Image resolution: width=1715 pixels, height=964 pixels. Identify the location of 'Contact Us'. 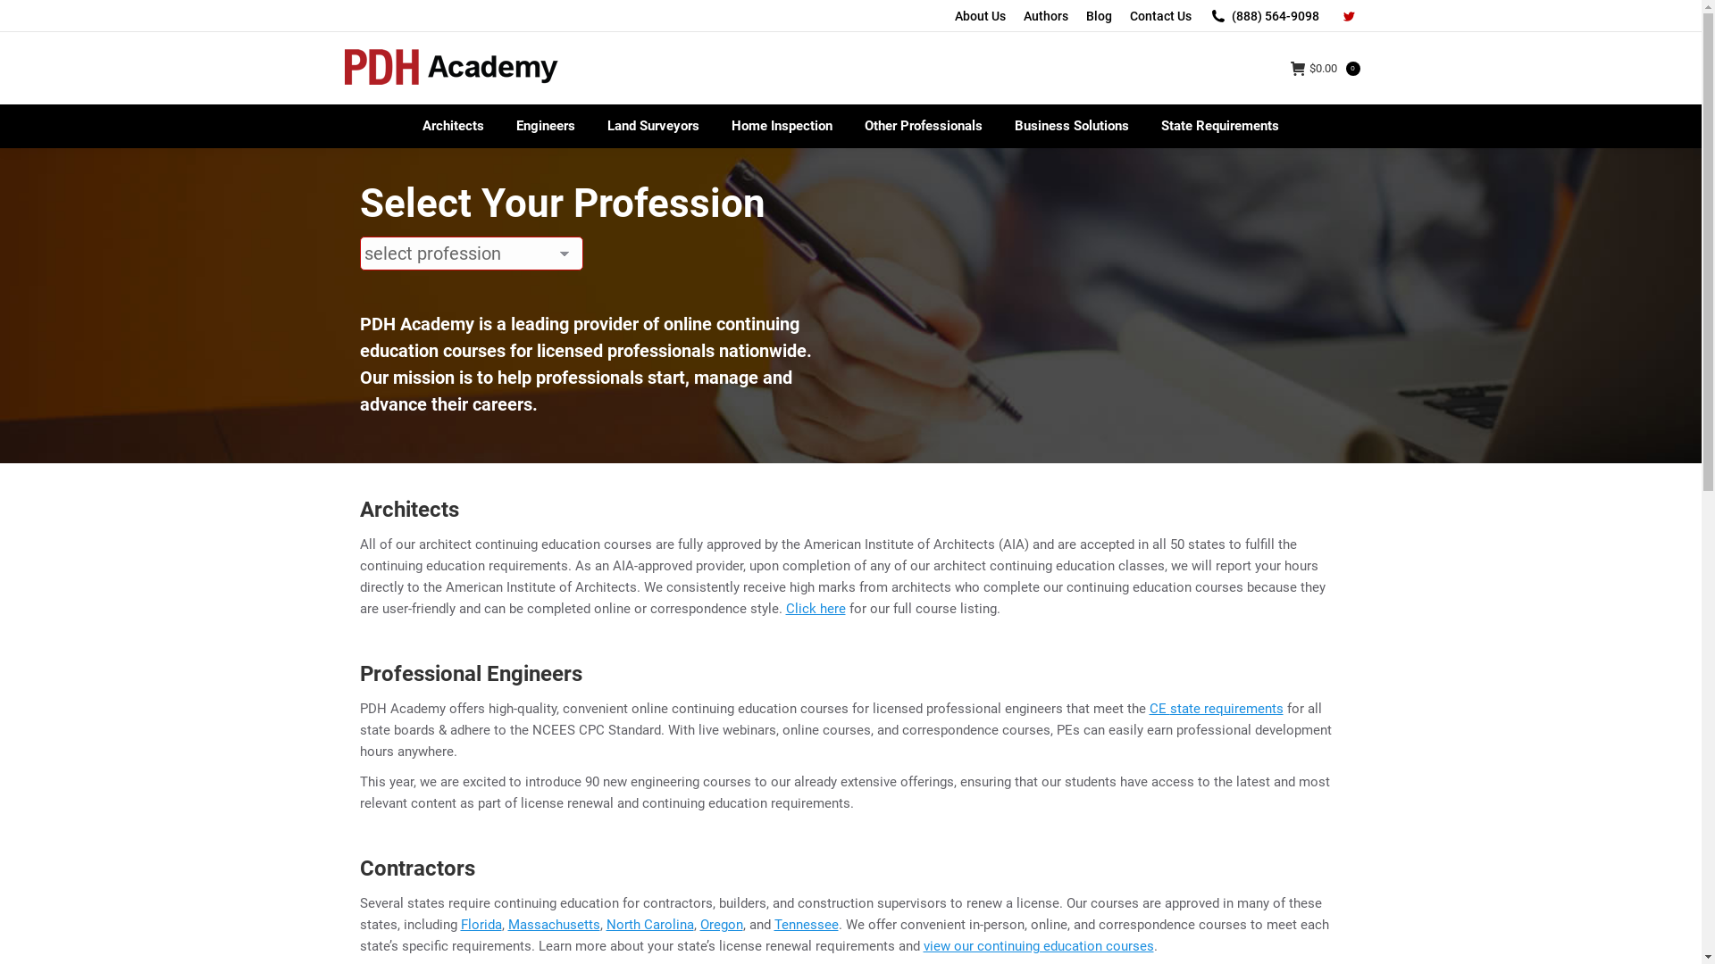
(1159, 16).